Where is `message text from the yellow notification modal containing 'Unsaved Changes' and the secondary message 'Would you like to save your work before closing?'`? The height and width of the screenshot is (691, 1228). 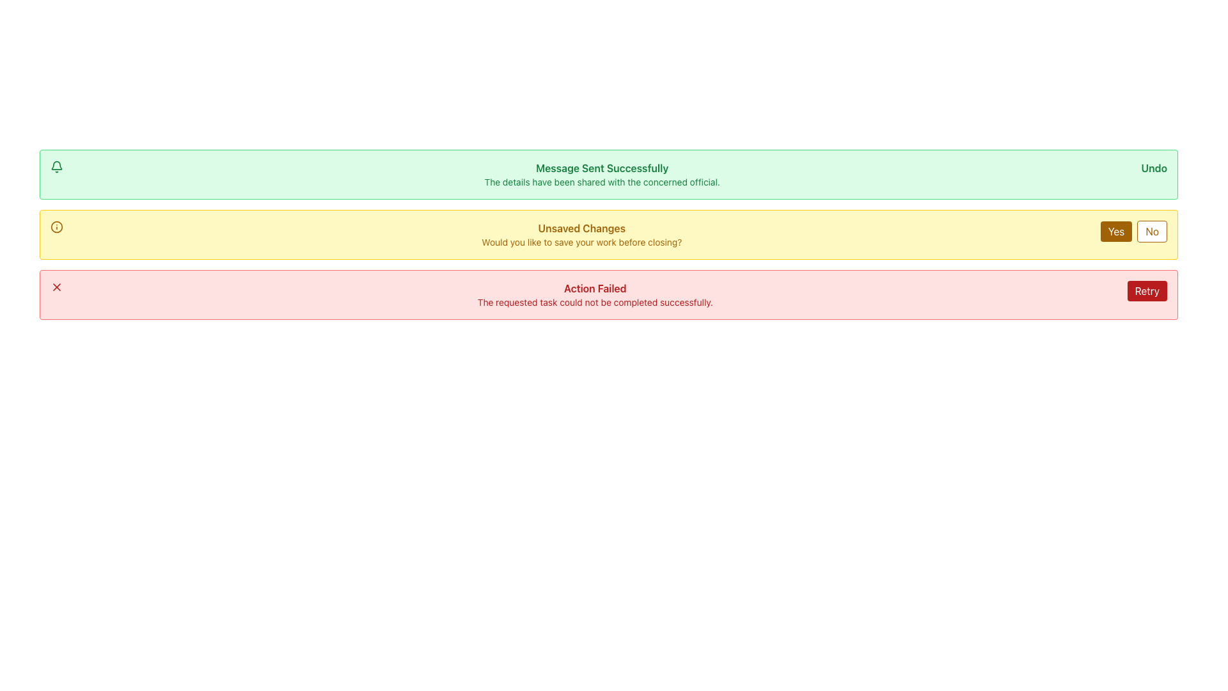 message text from the yellow notification modal containing 'Unsaved Changes' and the secondary message 'Would you like to save your work before closing?' is located at coordinates (608, 234).